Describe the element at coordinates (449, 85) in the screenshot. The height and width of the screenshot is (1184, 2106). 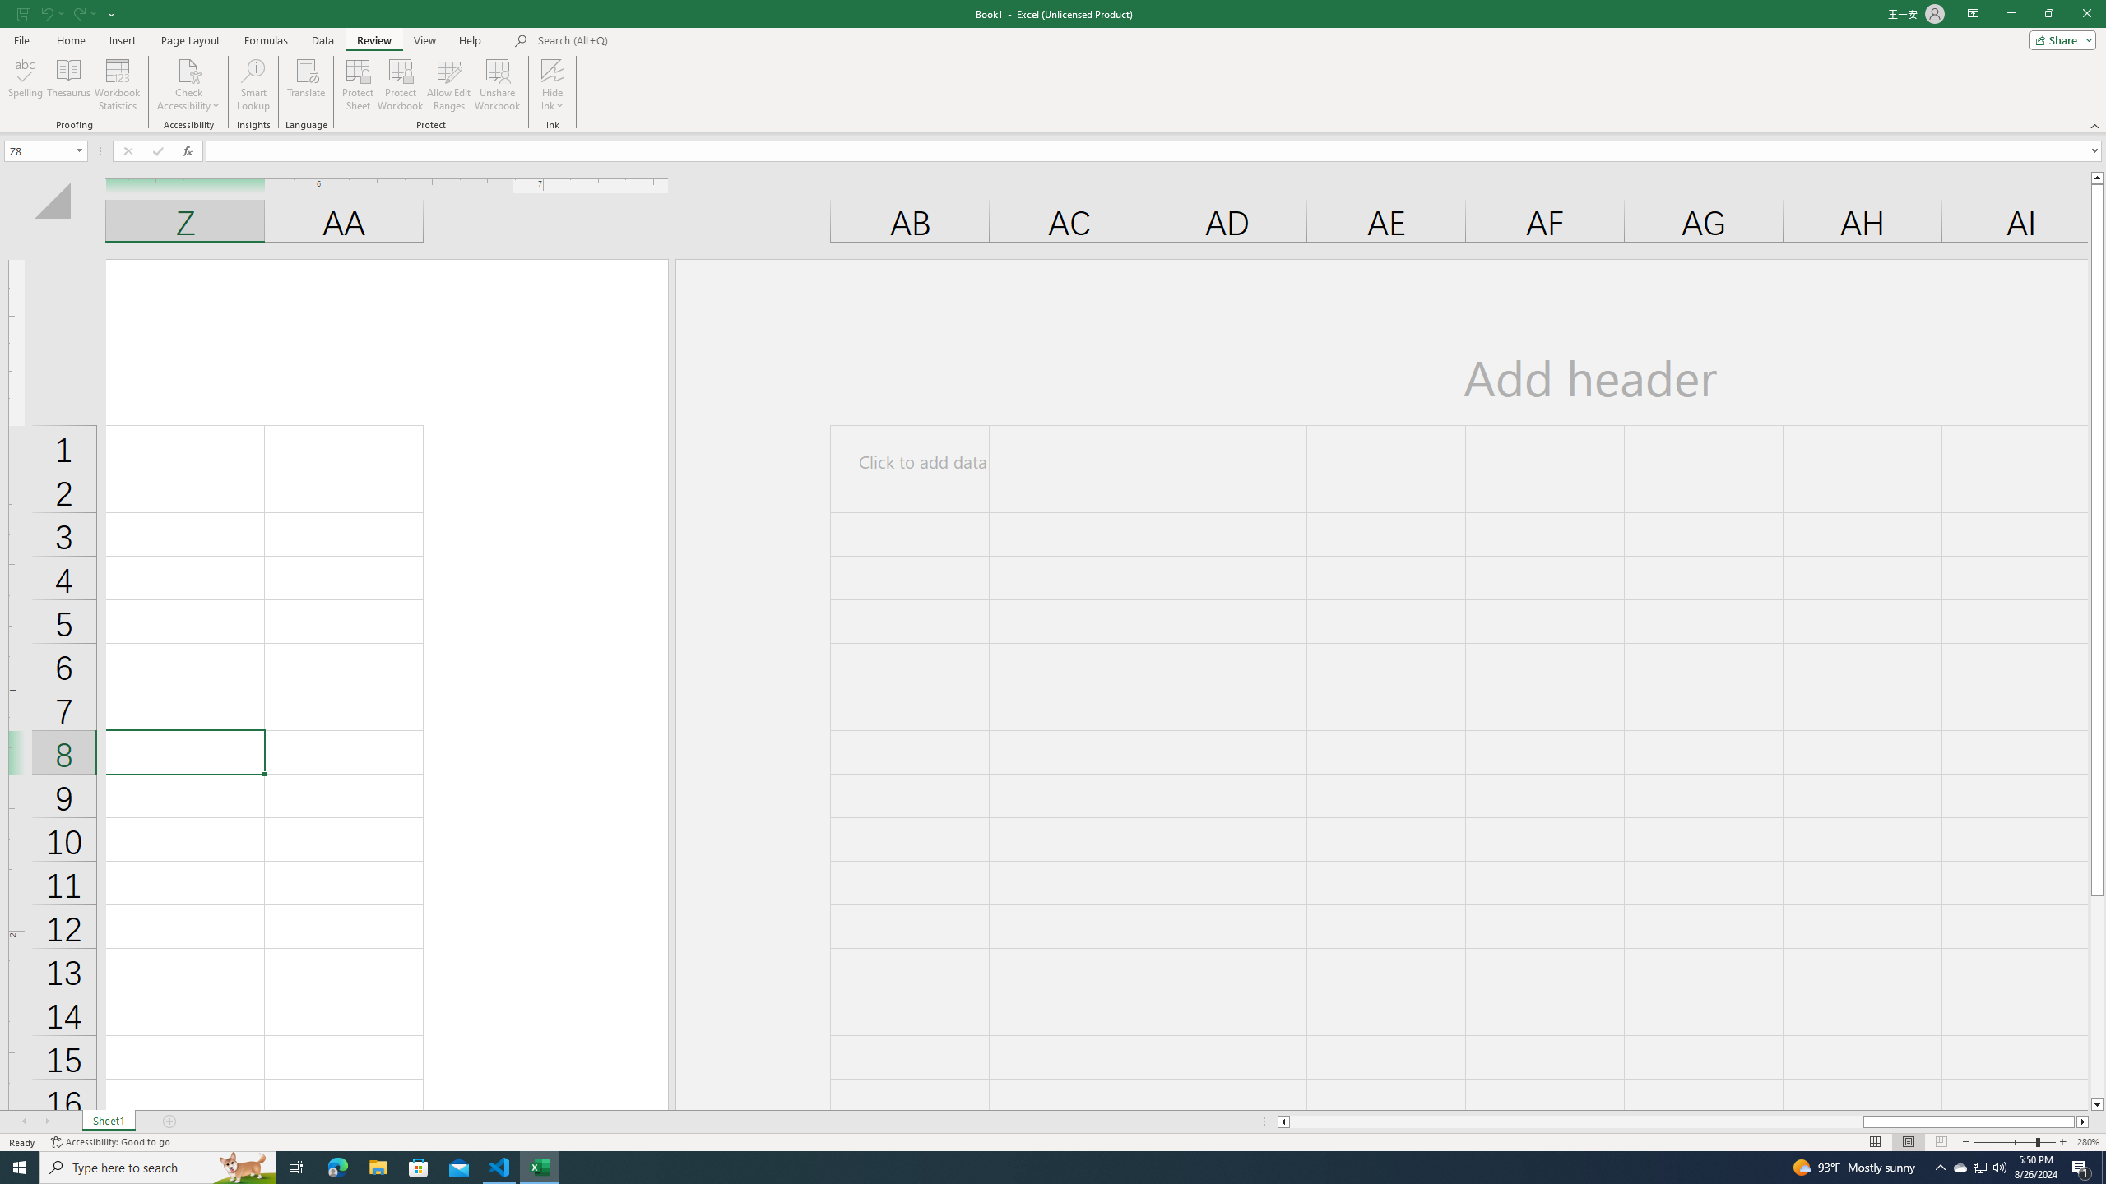
I see `'Allow Edit Ranges'` at that location.